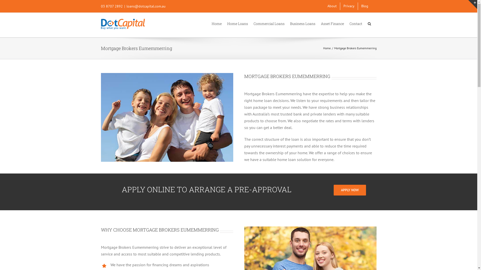 This screenshot has width=481, height=270. What do you see at coordinates (167, 117) in the screenshot?
I see `'Mortgage Brokers Eumemmerring'` at bounding box center [167, 117].